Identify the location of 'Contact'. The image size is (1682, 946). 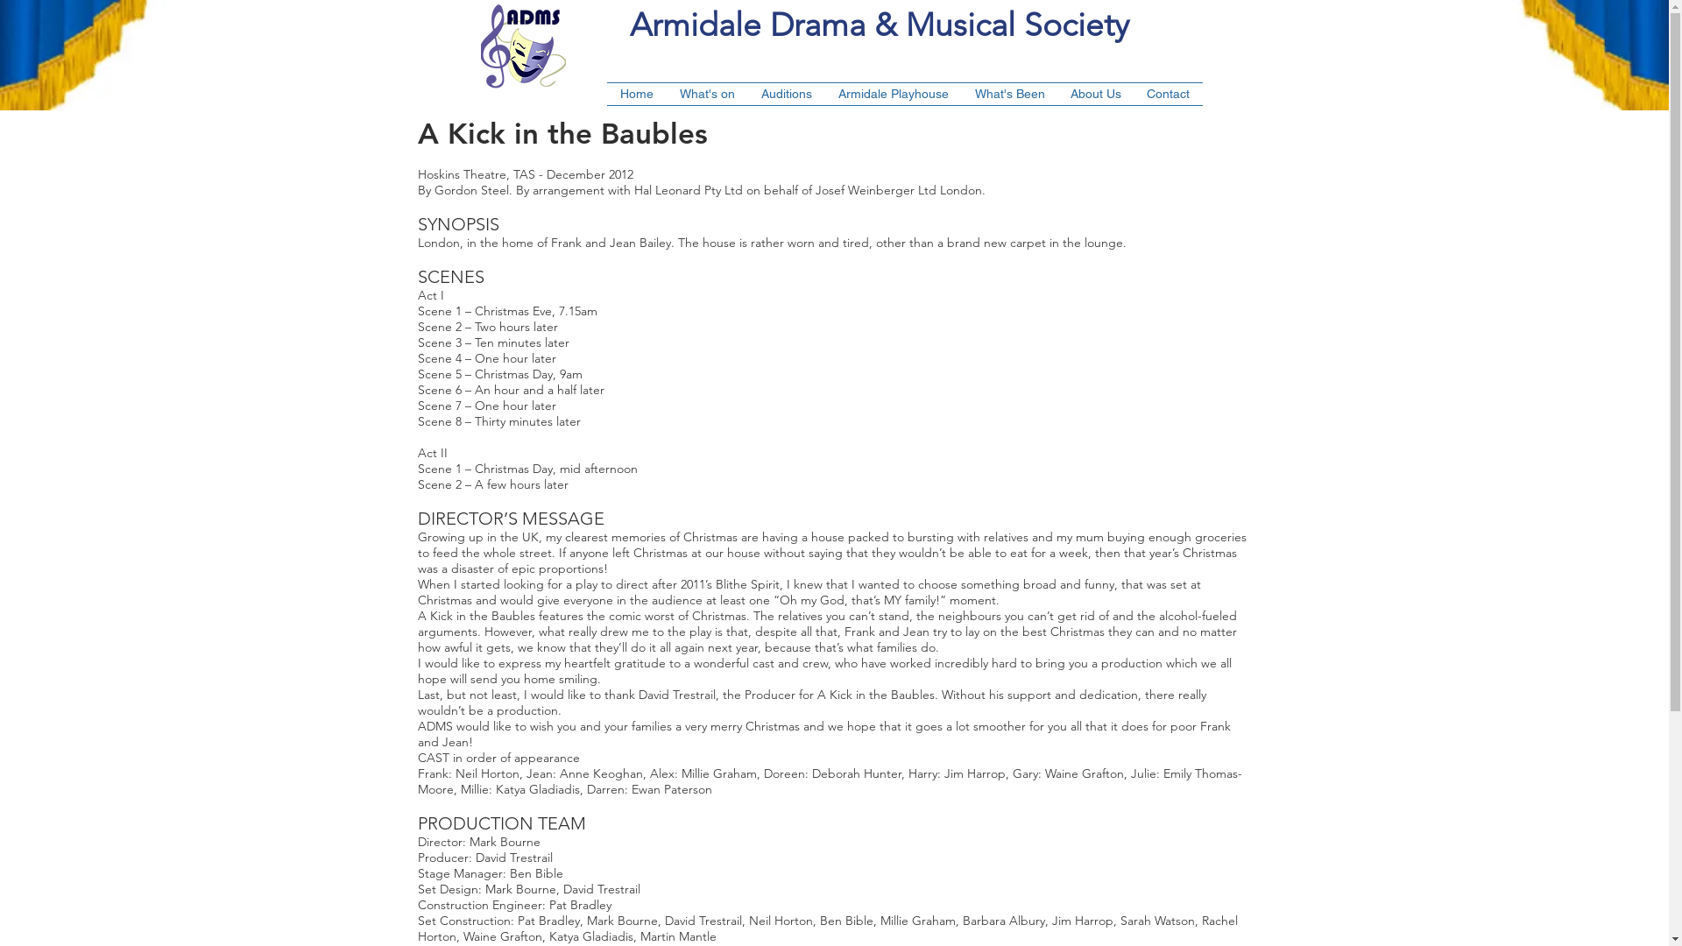
(1134, 94).